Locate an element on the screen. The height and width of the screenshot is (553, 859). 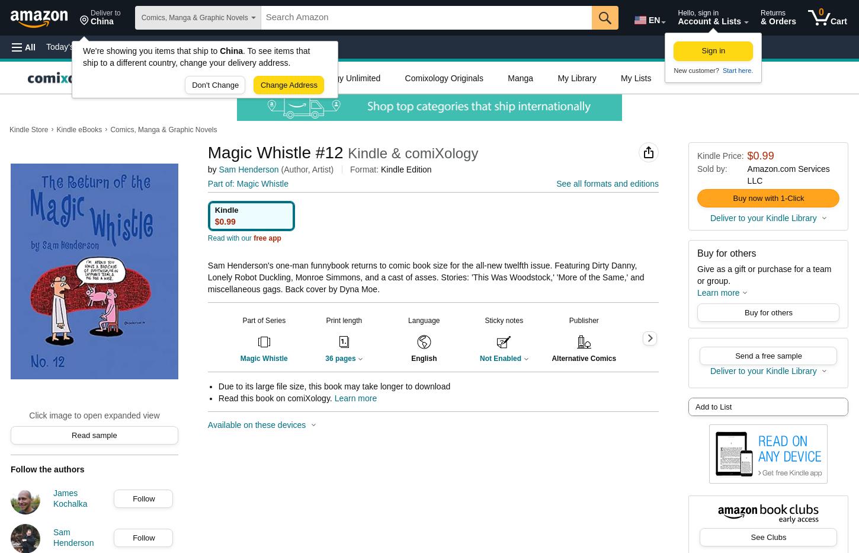
'Page Flip' is located at coordinates (823, 319).